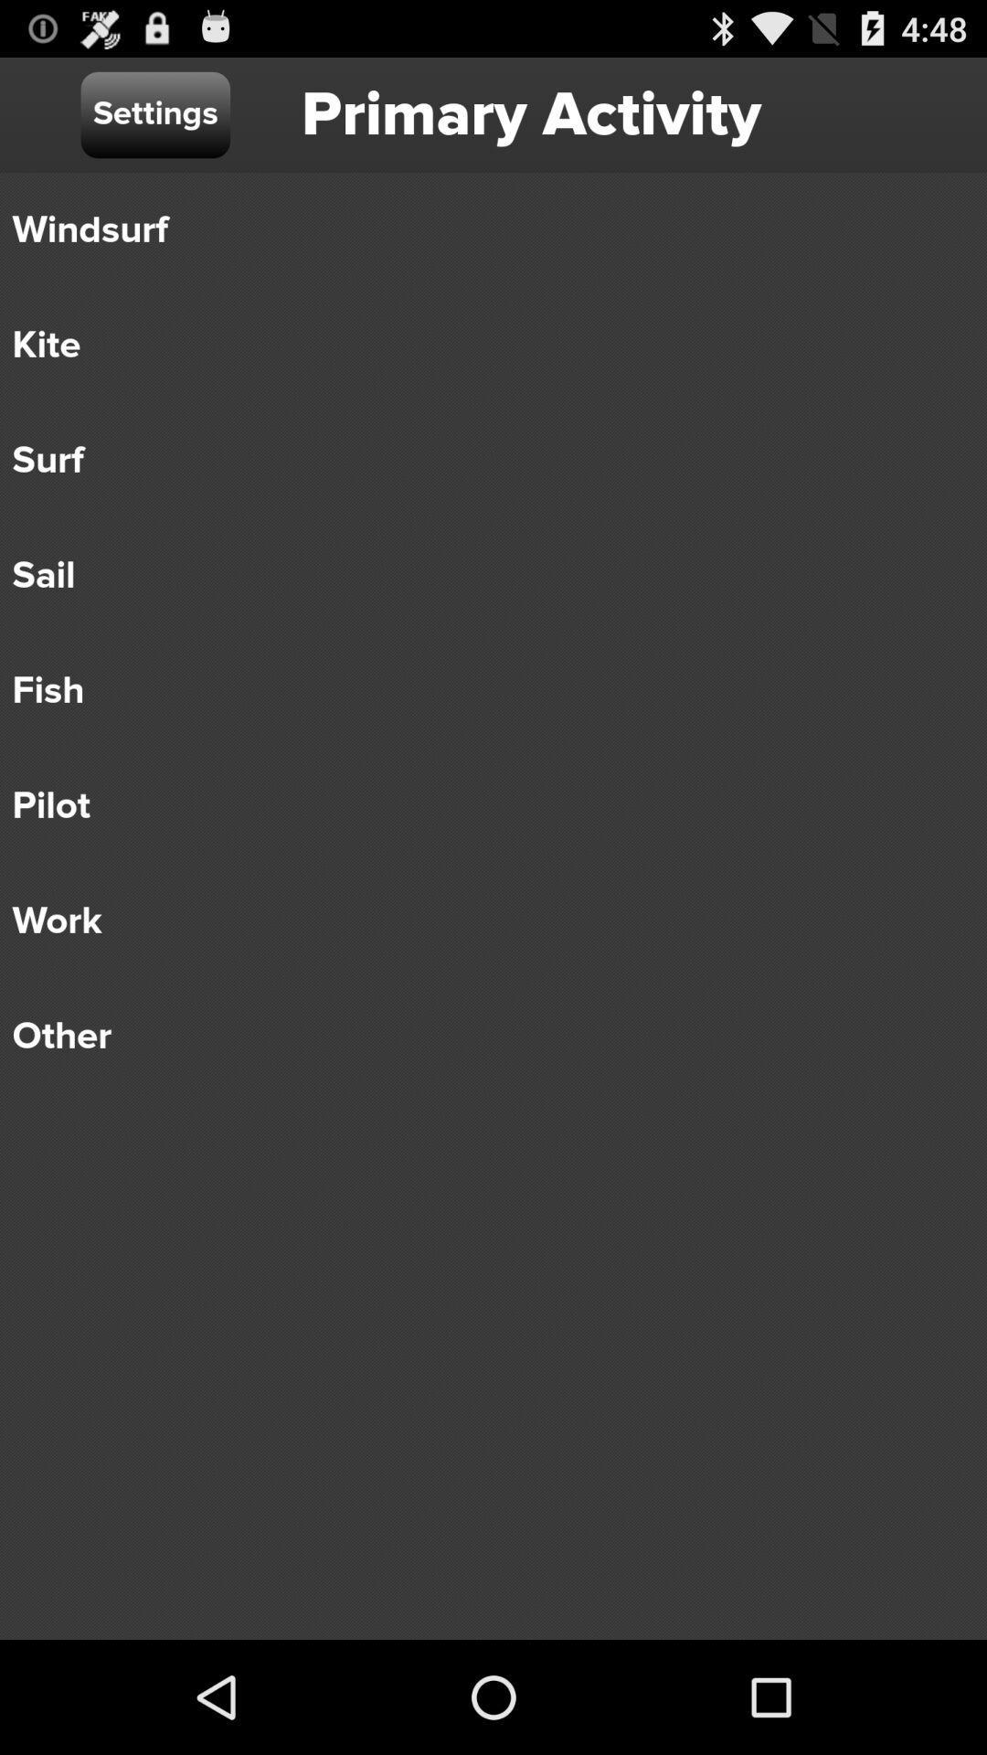 This screenshot has width=987, height=1755. What do you see at coordinates (480, 805) in the screenshot?
I see `the item below the fish icon` at bounding box center [480, 805].